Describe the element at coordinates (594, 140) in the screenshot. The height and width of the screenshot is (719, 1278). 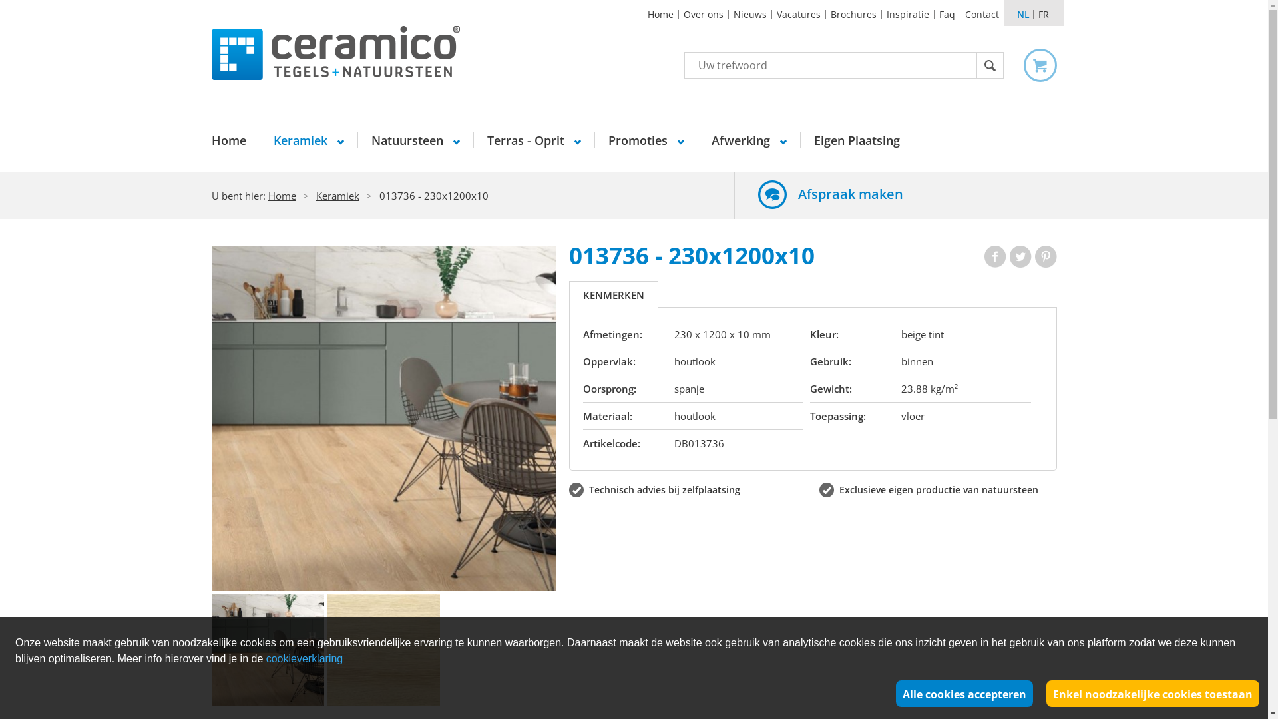
I see `'Promoties'` at that location.